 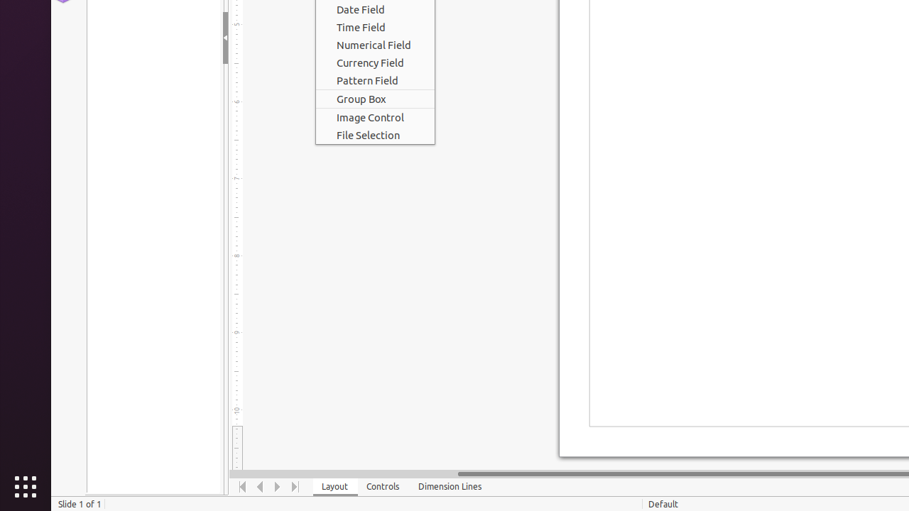 I want to click on 'Show Applications', so click(x=25, y=486).